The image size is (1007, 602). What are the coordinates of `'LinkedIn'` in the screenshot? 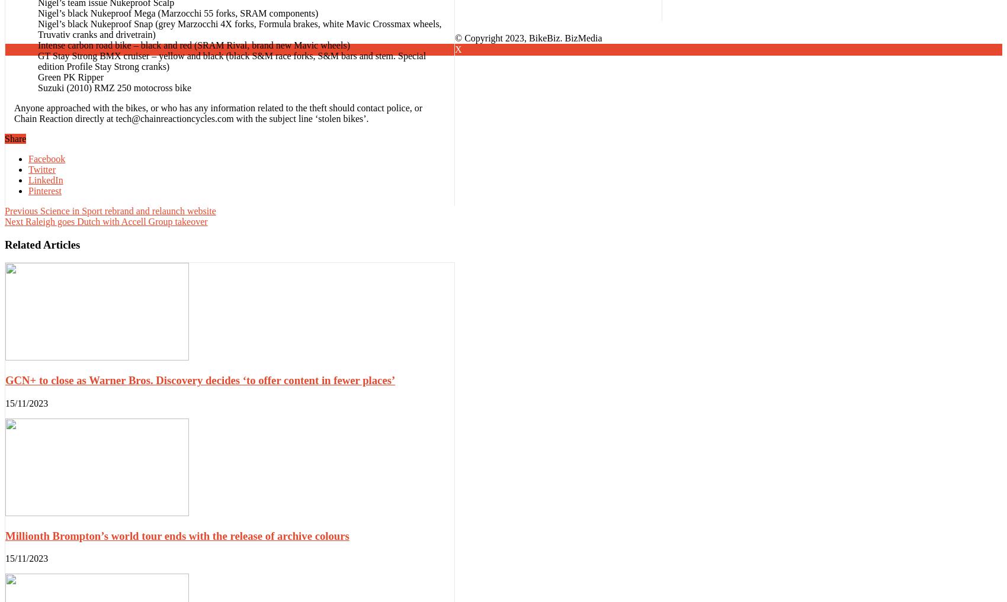 It's located at (46, 179).